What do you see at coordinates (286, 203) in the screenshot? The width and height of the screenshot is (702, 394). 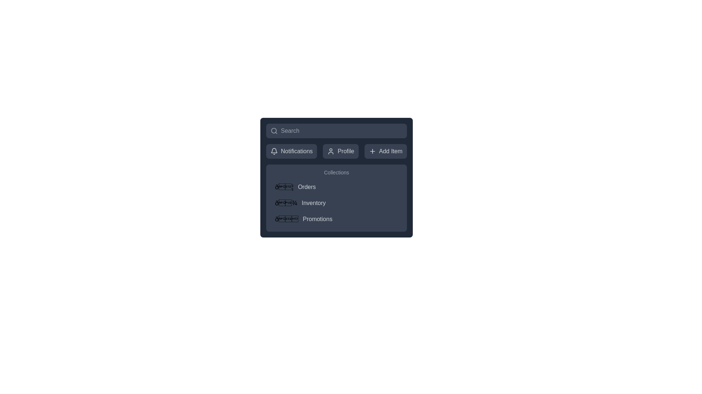 I see `the bold emoji-like icon located to the left of the 'Inventory' text label in the menu or list interface` at bounding box center [286, 203].